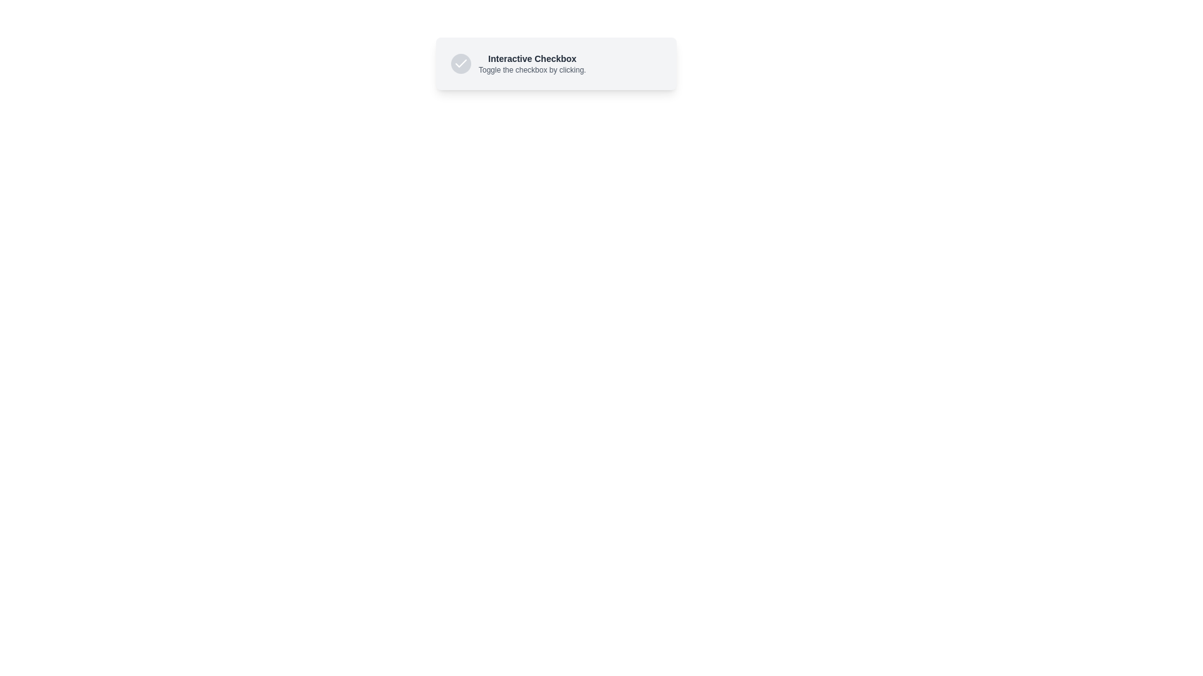 This screenshot has width=1203, height=676. I want to click on the circular toggle button with a light gray background and centered checkmark icon, so click(460, 63).